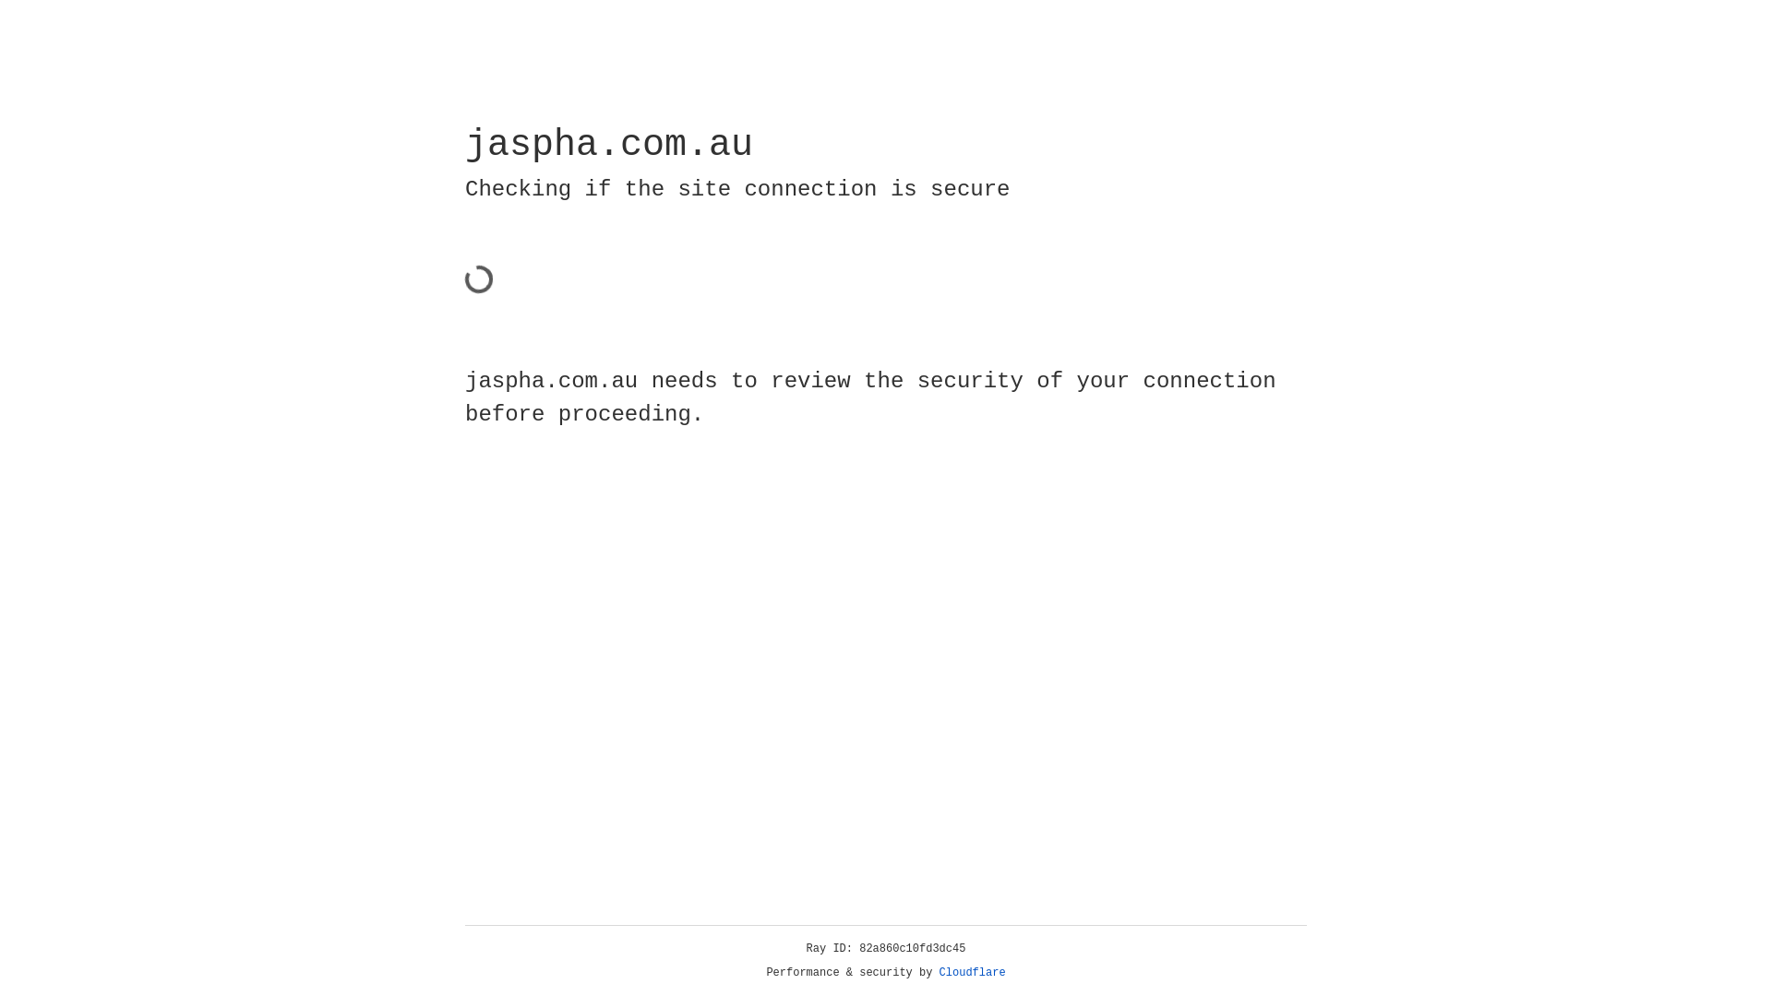  What do you see at coordinates (972, 972) in the screenshot?
I see `'Cloudflare'` at bounding box center [972, 972].